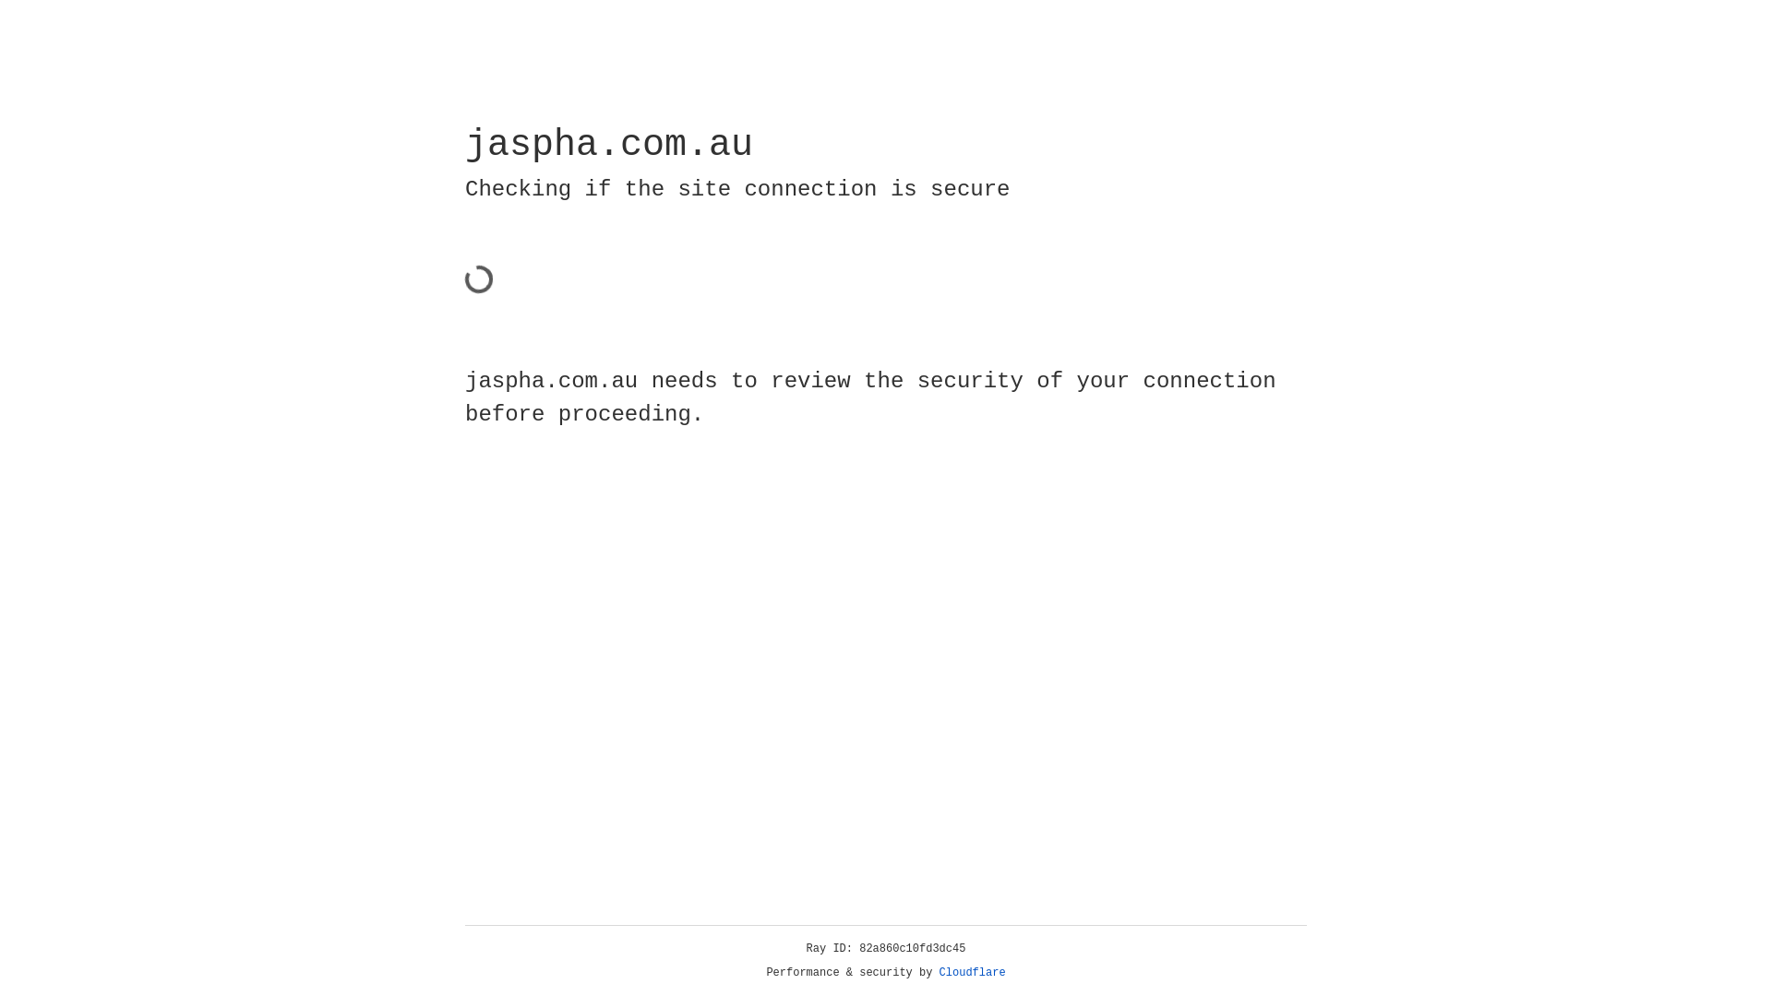  What do you see at coordinates (972, 972) in the screenshot?
I see `'Cloudflare'` at bounding box center [972, 972].